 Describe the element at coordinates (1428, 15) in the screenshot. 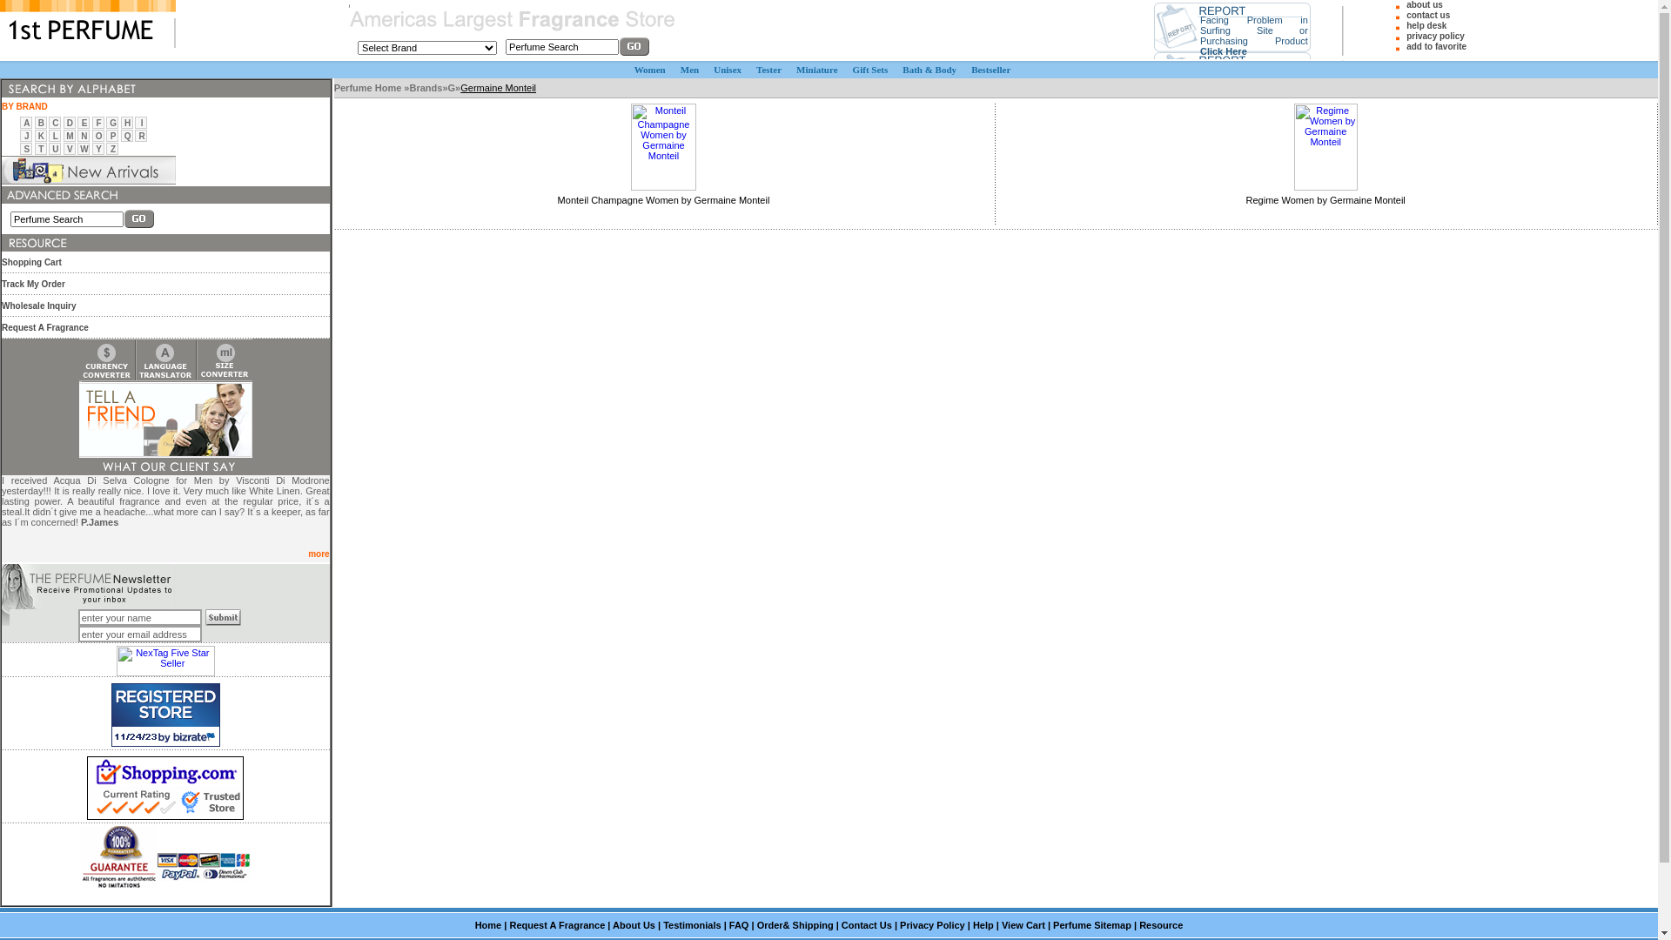

I see `'contact us'` at that location.